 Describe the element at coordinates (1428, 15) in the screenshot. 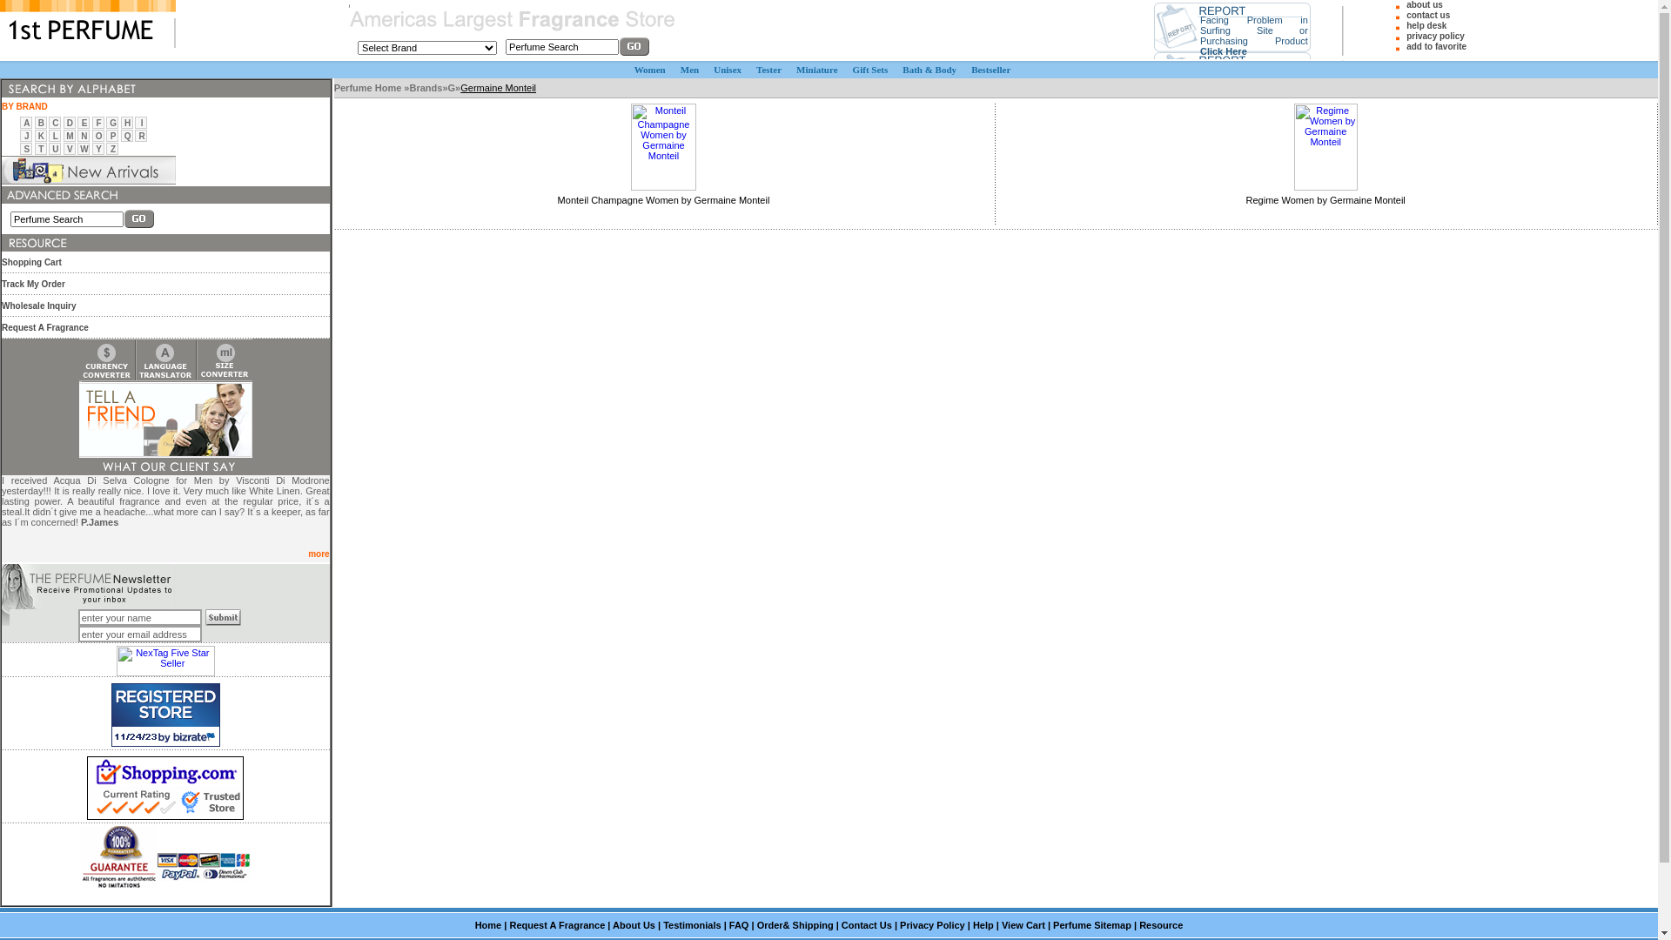

I see `'contact us'` at that location.